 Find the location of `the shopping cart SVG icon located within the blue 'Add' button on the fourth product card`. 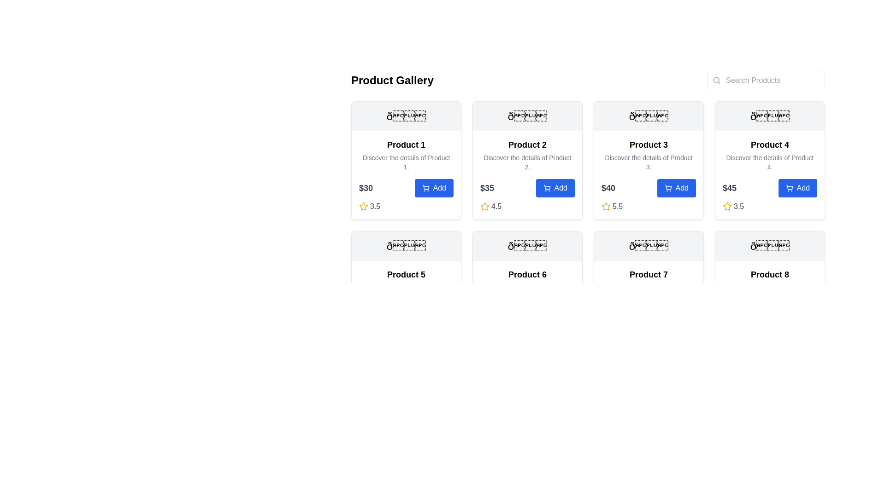

the shopping cart SVG icon located within the blue 'Add' button on the fourth product card is located at coordinates (789, 187).